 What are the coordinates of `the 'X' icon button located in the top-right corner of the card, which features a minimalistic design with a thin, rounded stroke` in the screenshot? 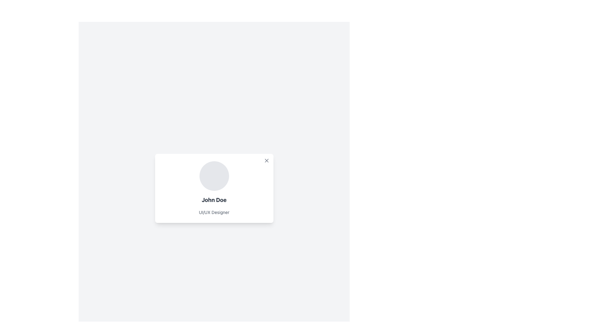 It's located at (266, 160).